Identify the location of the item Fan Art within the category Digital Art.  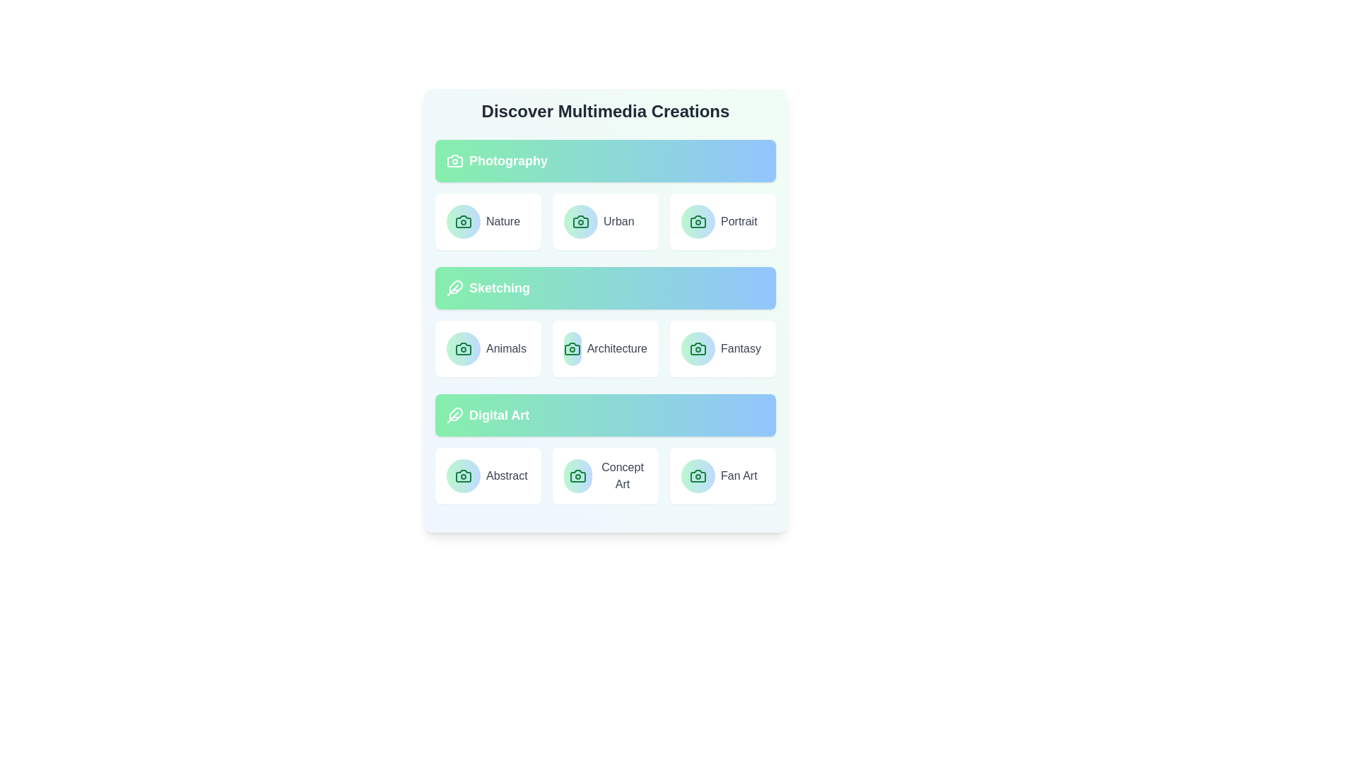
(722, 476).